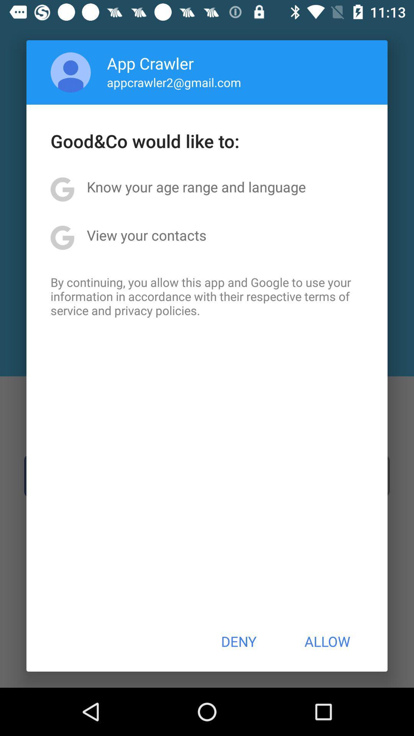 Image resolution: width=414 pixels, height=736 pixels. Describe the element at coordinates (150, 63) in the screenshot. I see `app crawler icon` at that location.